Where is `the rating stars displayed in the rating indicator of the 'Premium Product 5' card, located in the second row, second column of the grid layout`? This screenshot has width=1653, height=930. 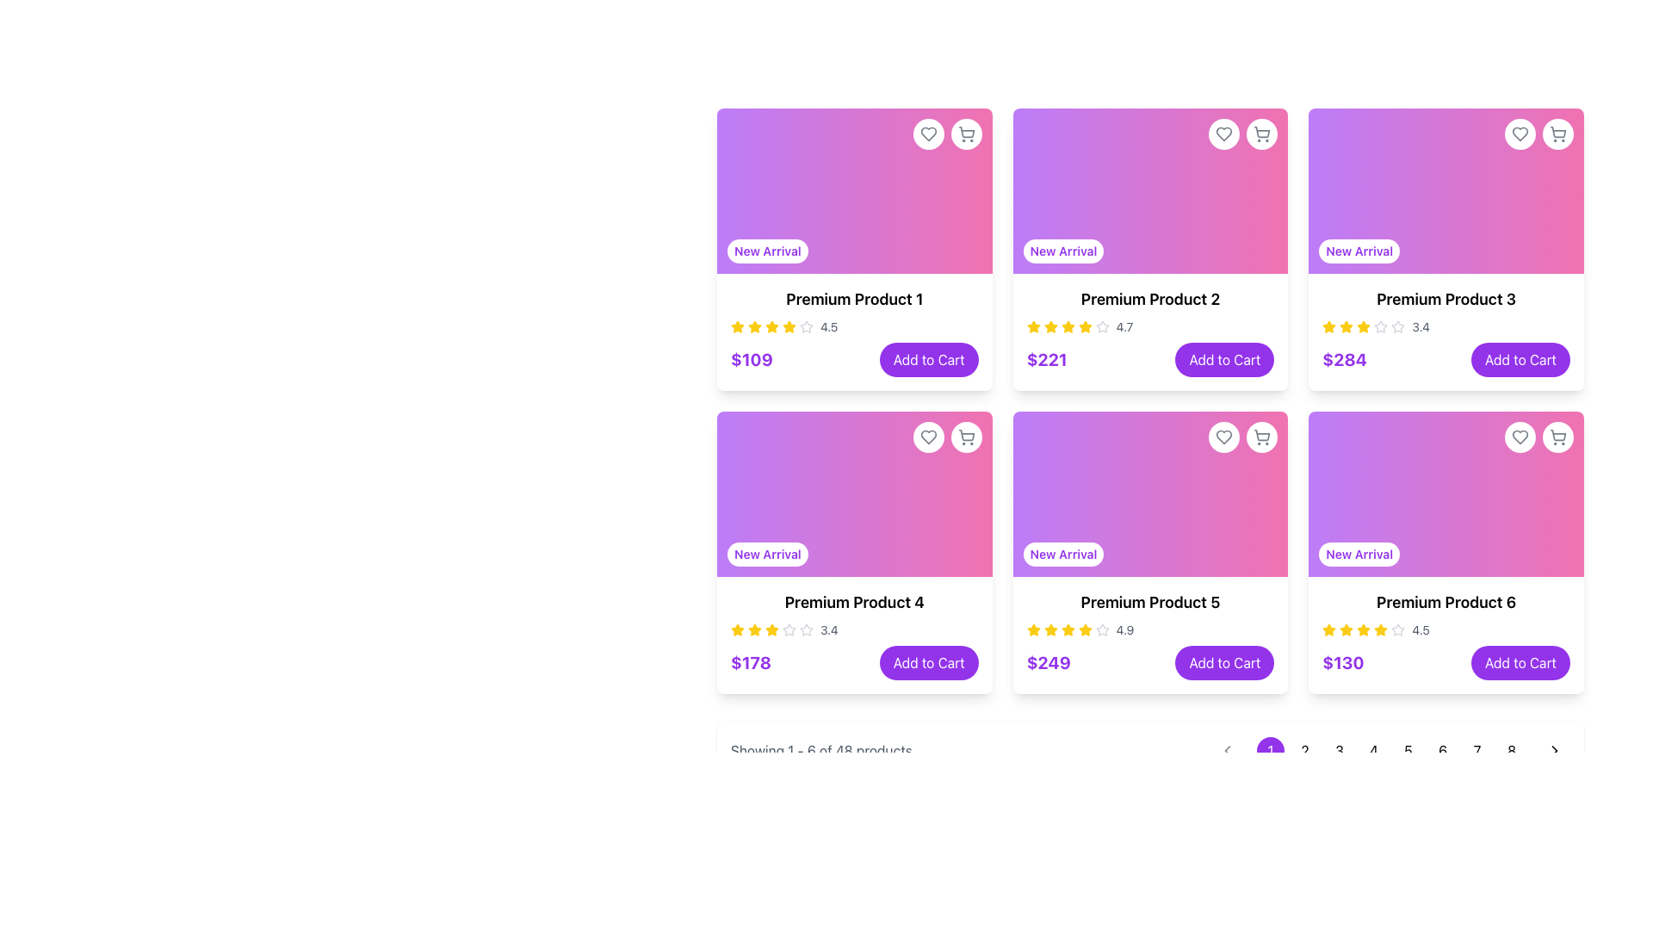 the rating stars displayed in the rating indicator of the 'Premium Product 5' card, located in the second row, second column of the grid layout is located at coordinates (1150, 630).